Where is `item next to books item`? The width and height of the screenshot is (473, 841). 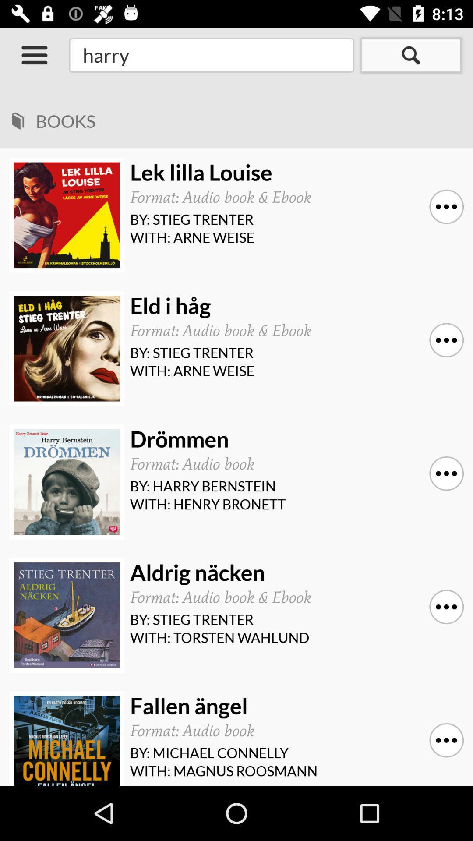
item next to books item is located at coordinates (18, 117).